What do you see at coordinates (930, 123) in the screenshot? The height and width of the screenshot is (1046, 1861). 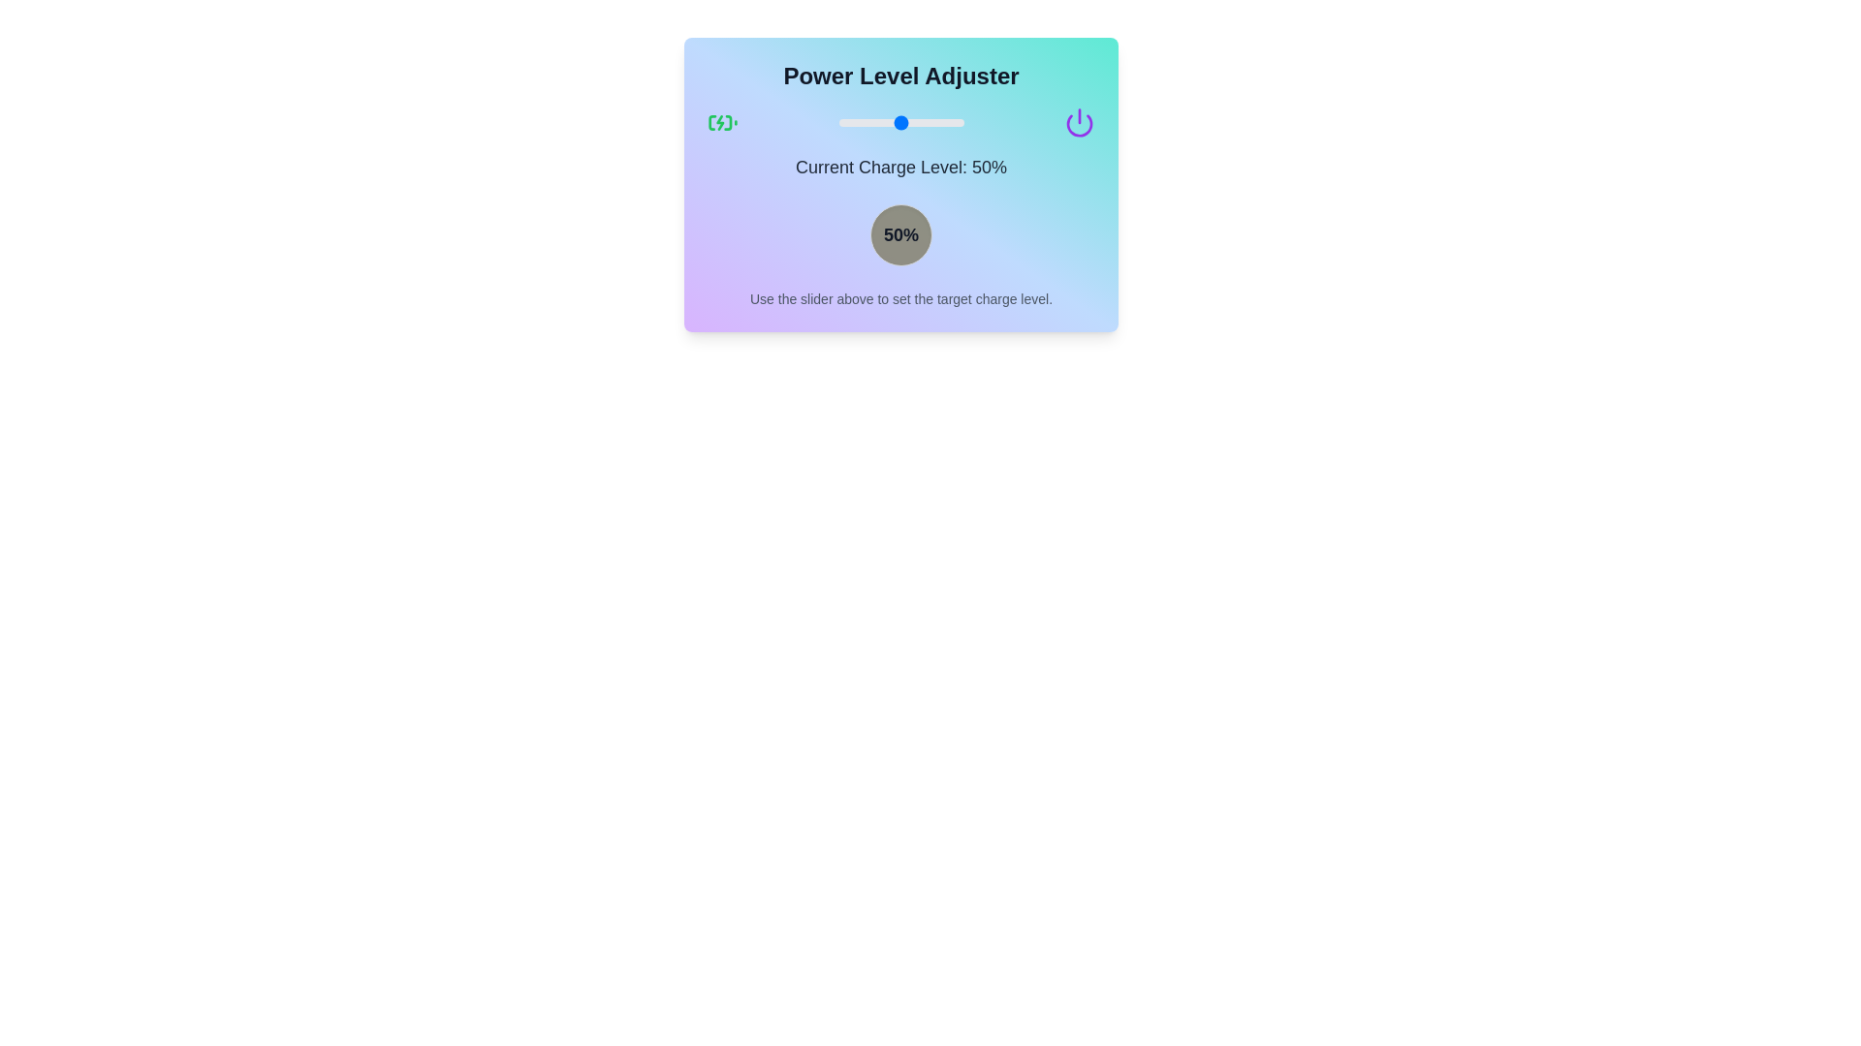 I see `the power level` at bounding box center [930, 123].